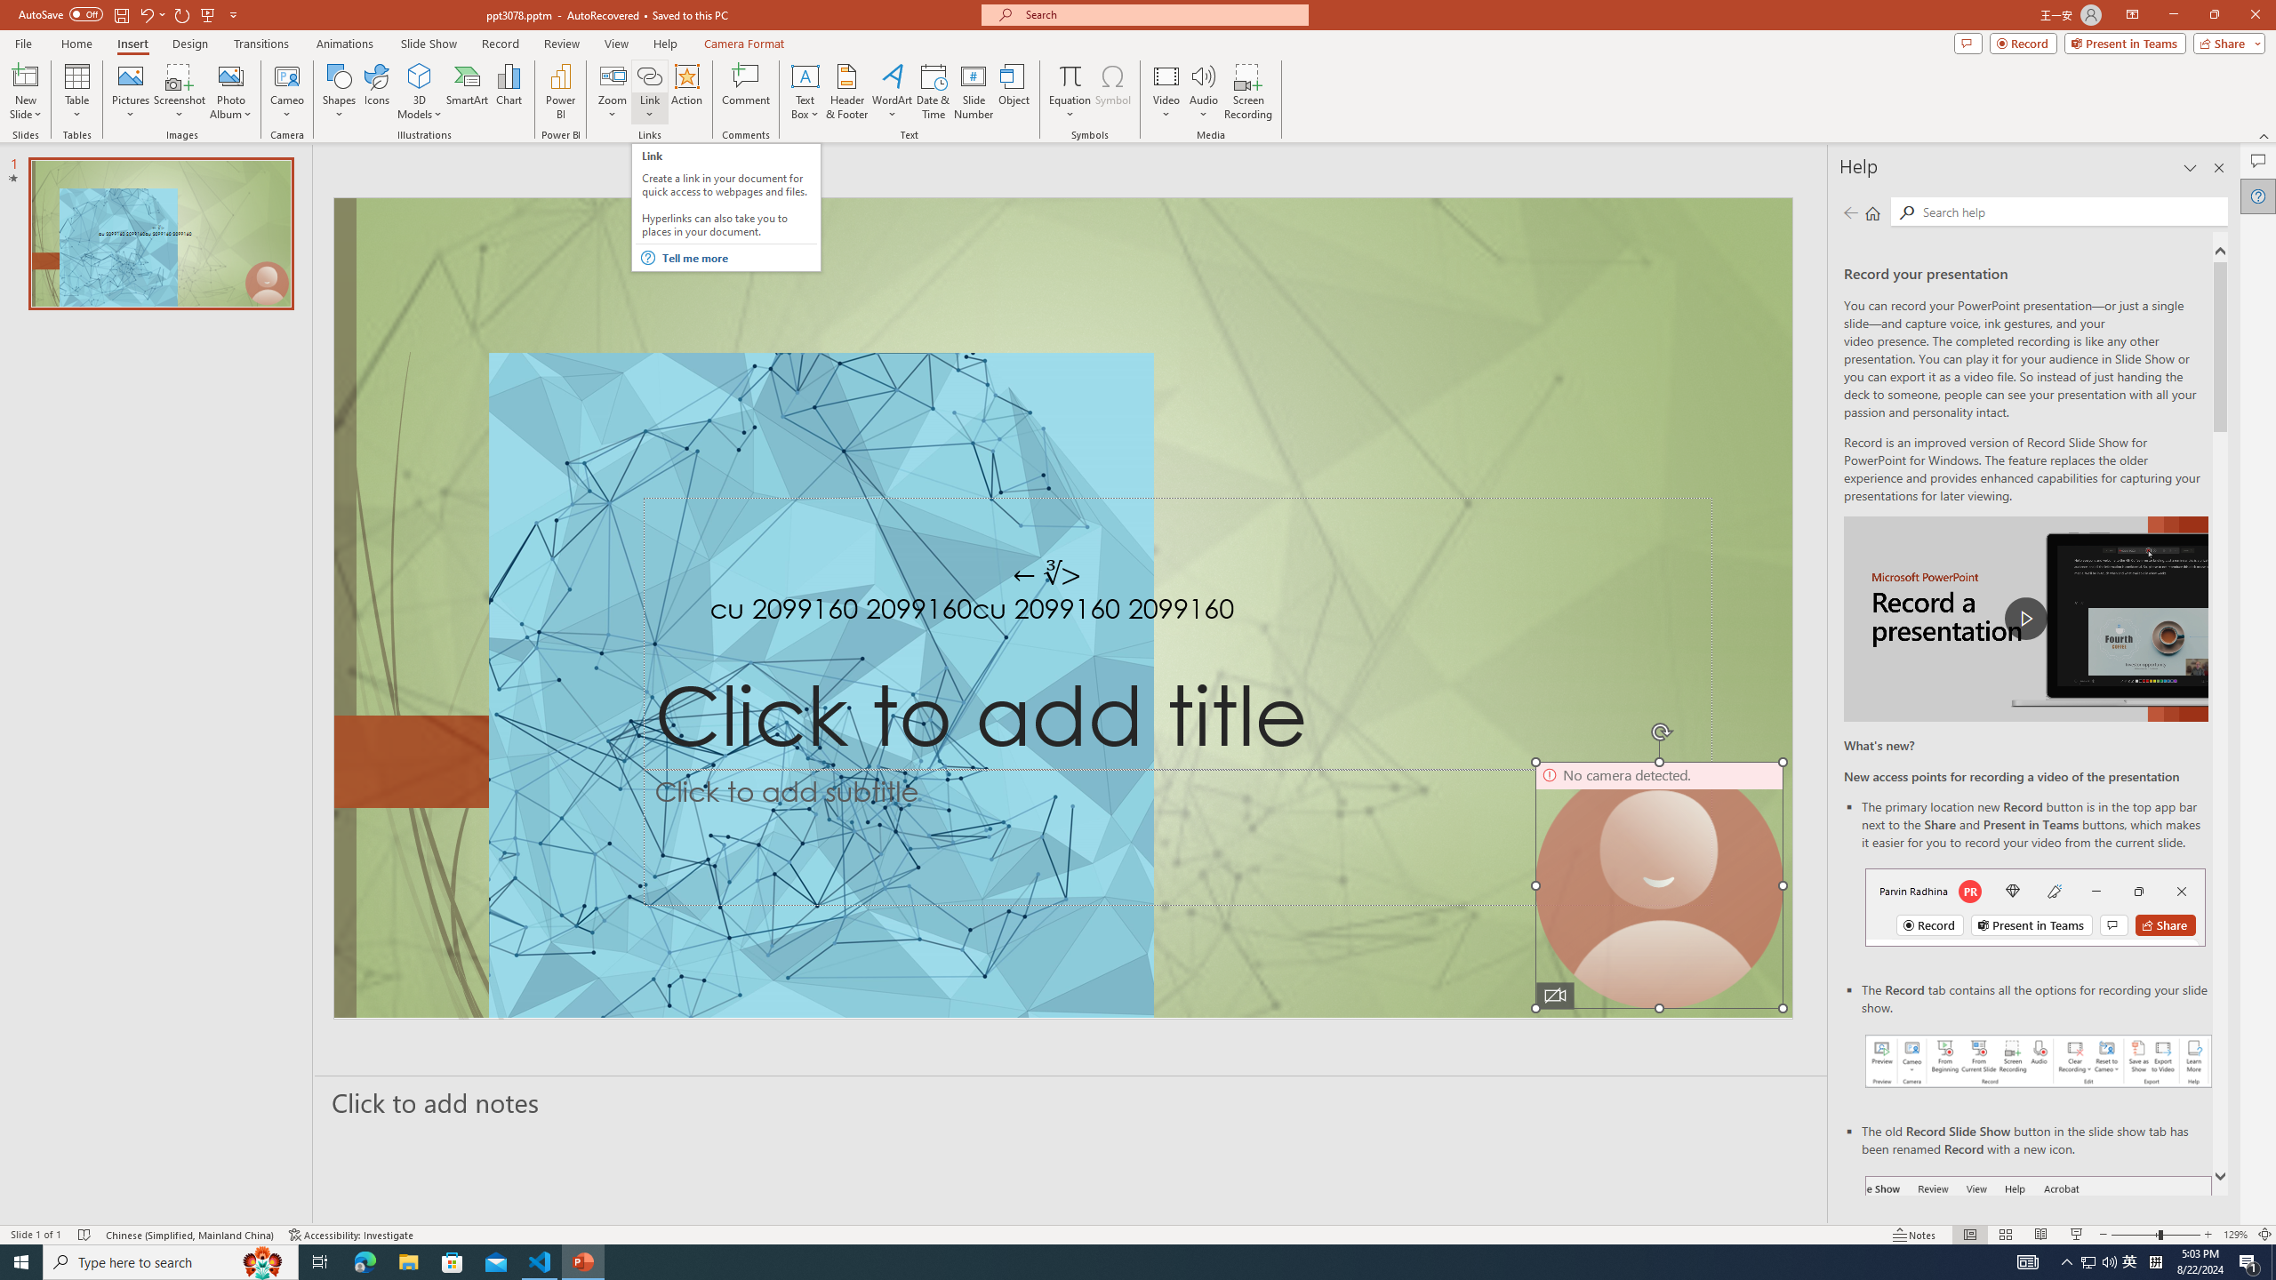  What do you see at coordinates (744, 92) in the screenshot?
I see `'Comment'` at bounding box center [744, 92].